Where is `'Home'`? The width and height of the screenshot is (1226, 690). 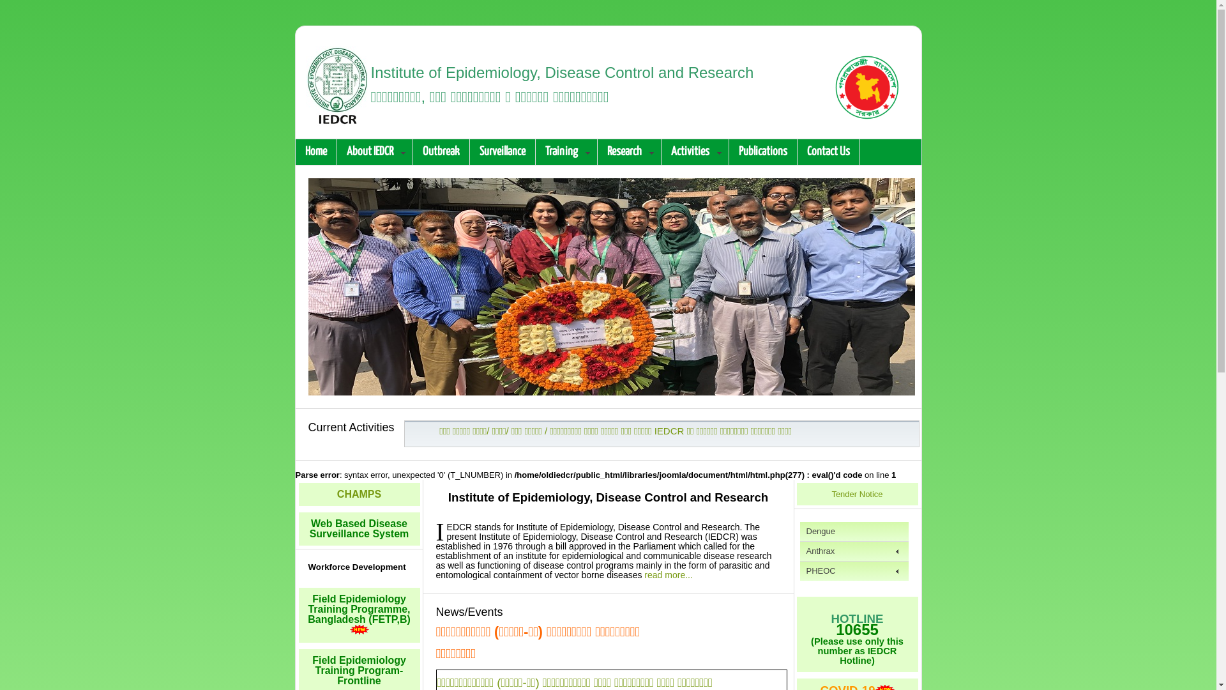 'Home' is located at coordinates (315, 151).